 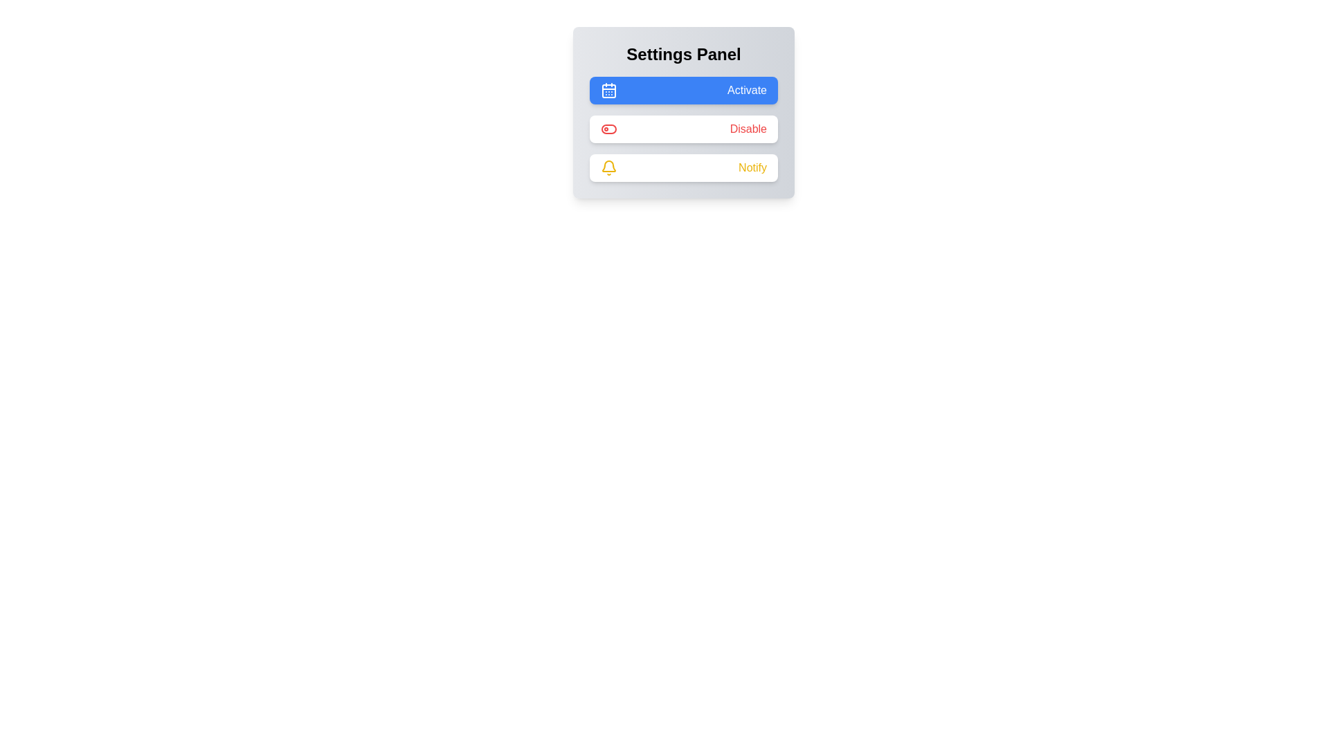 What do you see at coordinates (684, 129) in the screenshot?
I see `the 'Disable' button in the Settings Panel` at bounding box center [684, 129].